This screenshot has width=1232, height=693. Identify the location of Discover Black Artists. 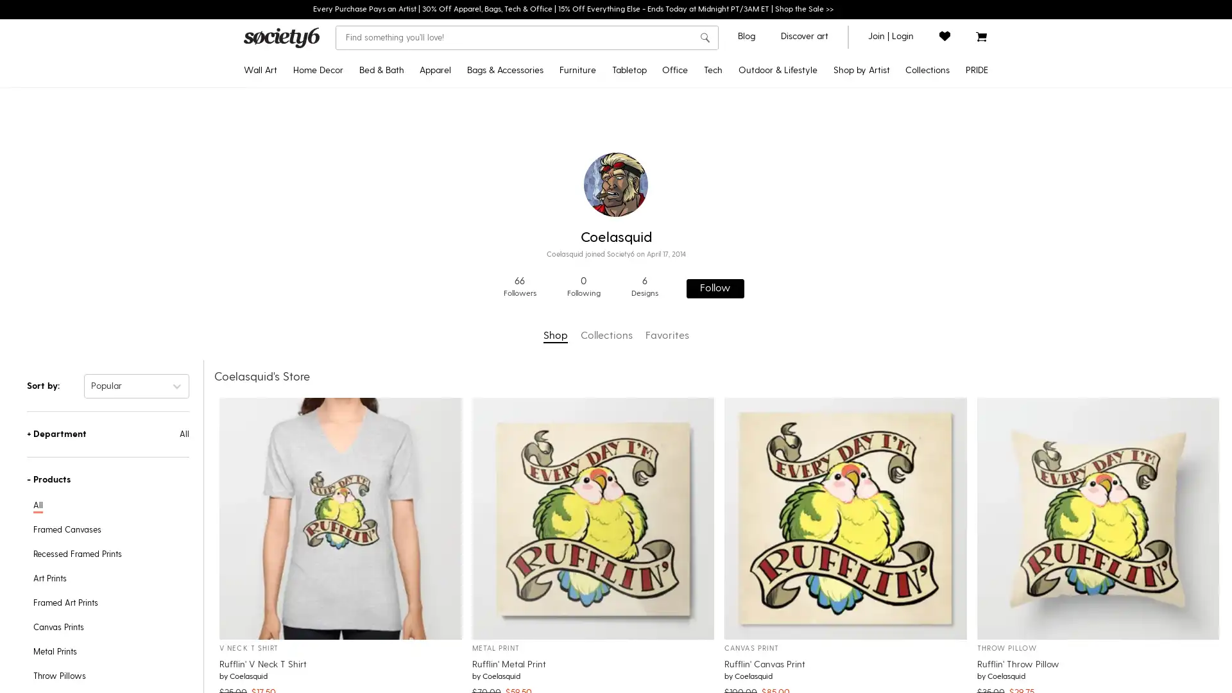
(826, 164).